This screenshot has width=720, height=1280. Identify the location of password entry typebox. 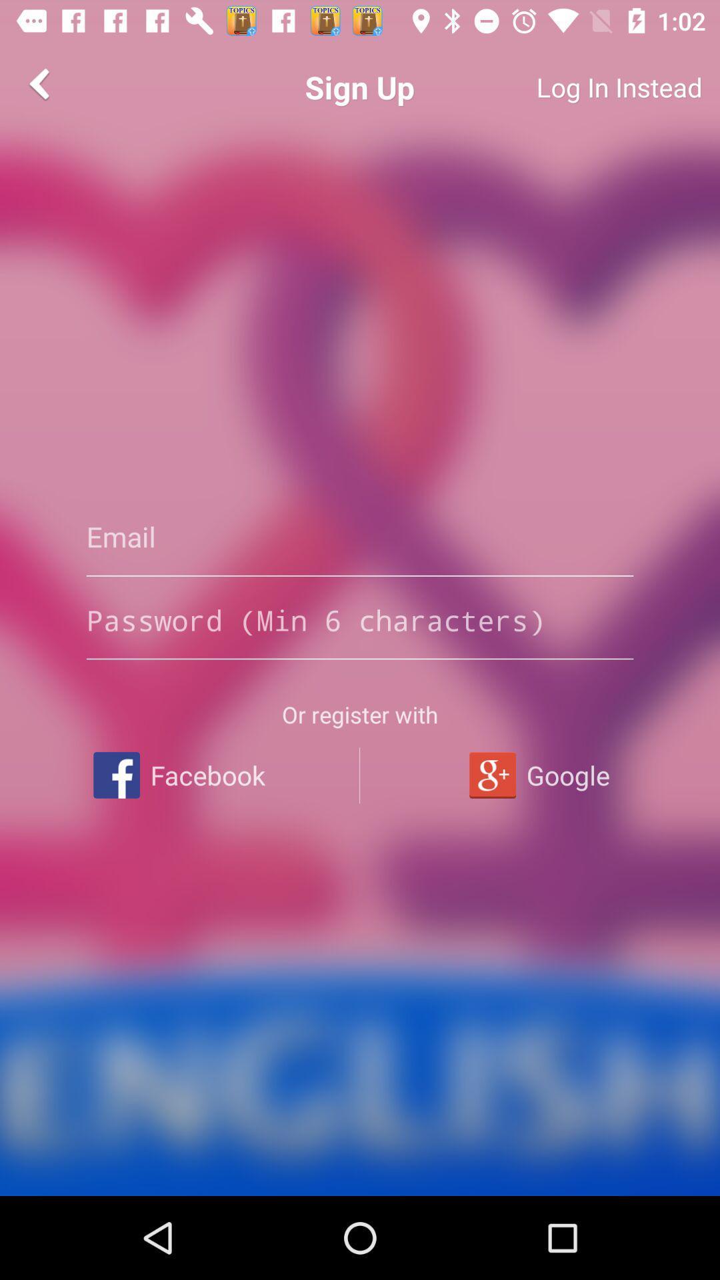
(360, 619).